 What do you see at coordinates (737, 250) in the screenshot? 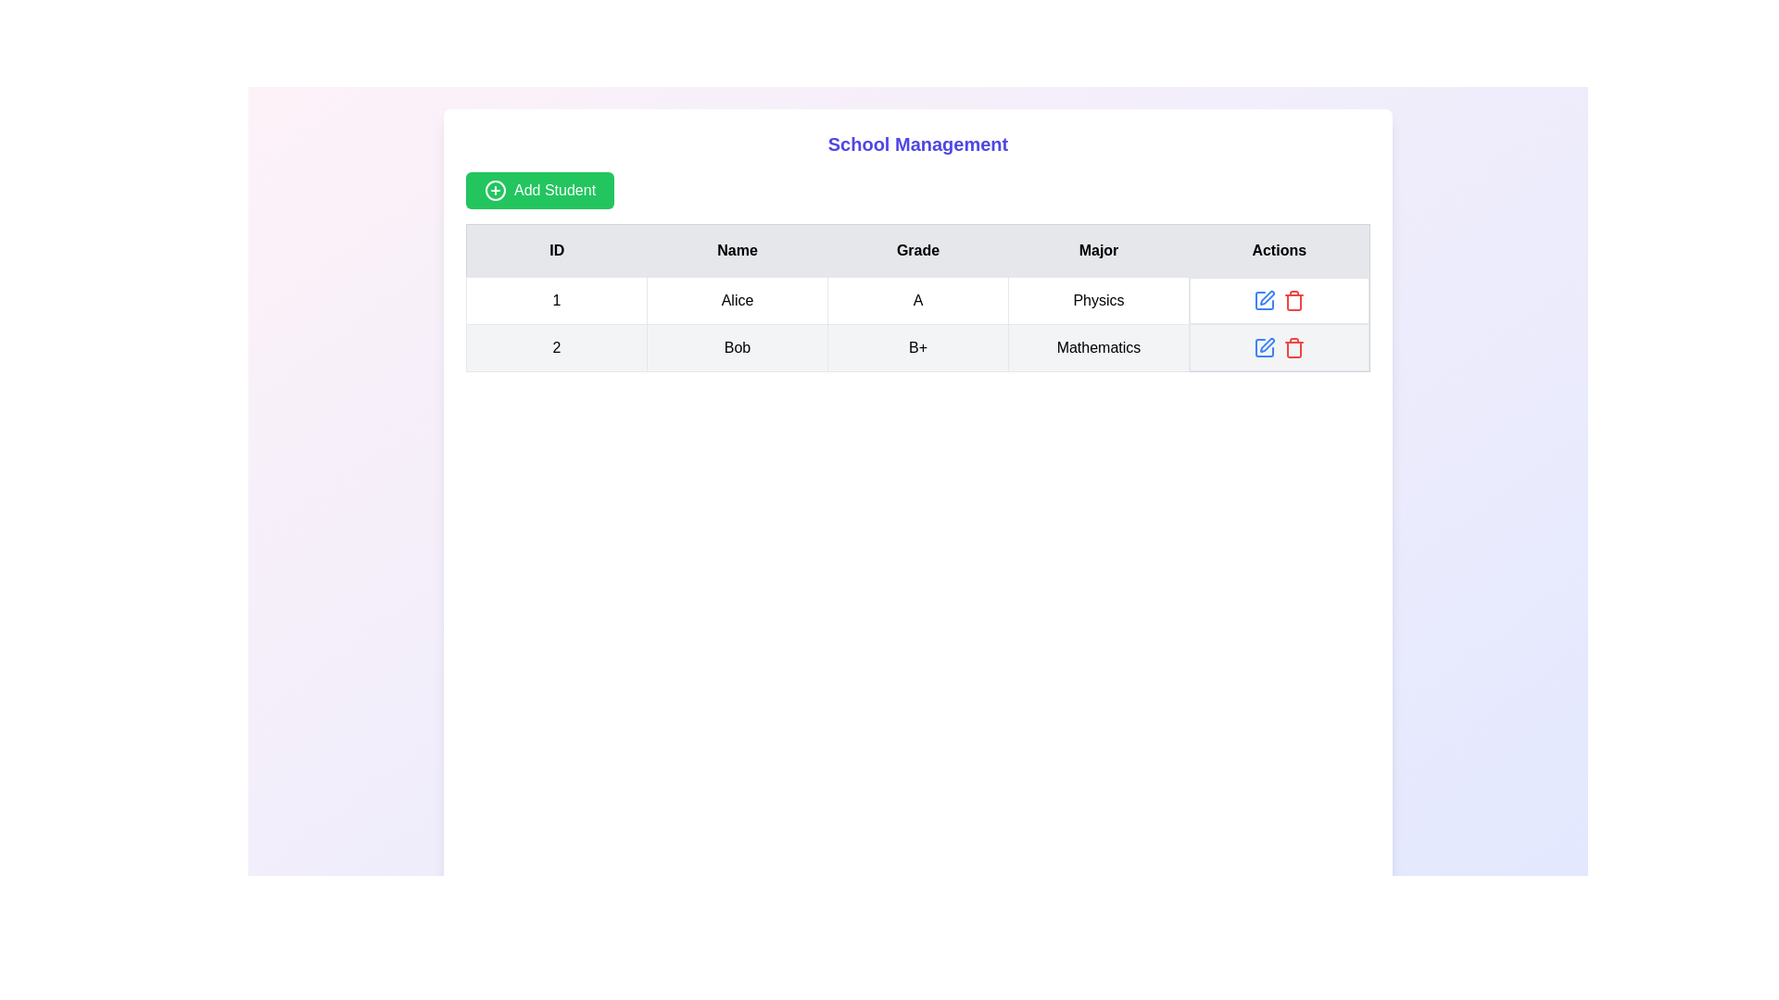
I see `the column header text label that indicates name values, located in the header row of the table, second from the left, between 'ID' and 'Grade'` at bounding box center [737, 250].